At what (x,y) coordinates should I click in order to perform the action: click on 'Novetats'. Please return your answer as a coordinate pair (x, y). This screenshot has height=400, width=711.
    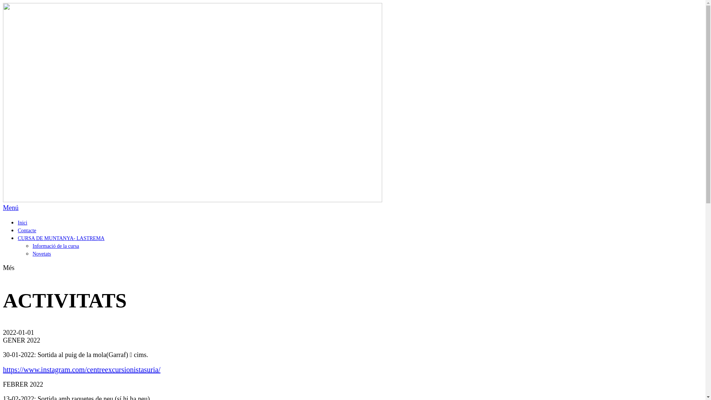
    Looking at the image, I should click on (41, 253).